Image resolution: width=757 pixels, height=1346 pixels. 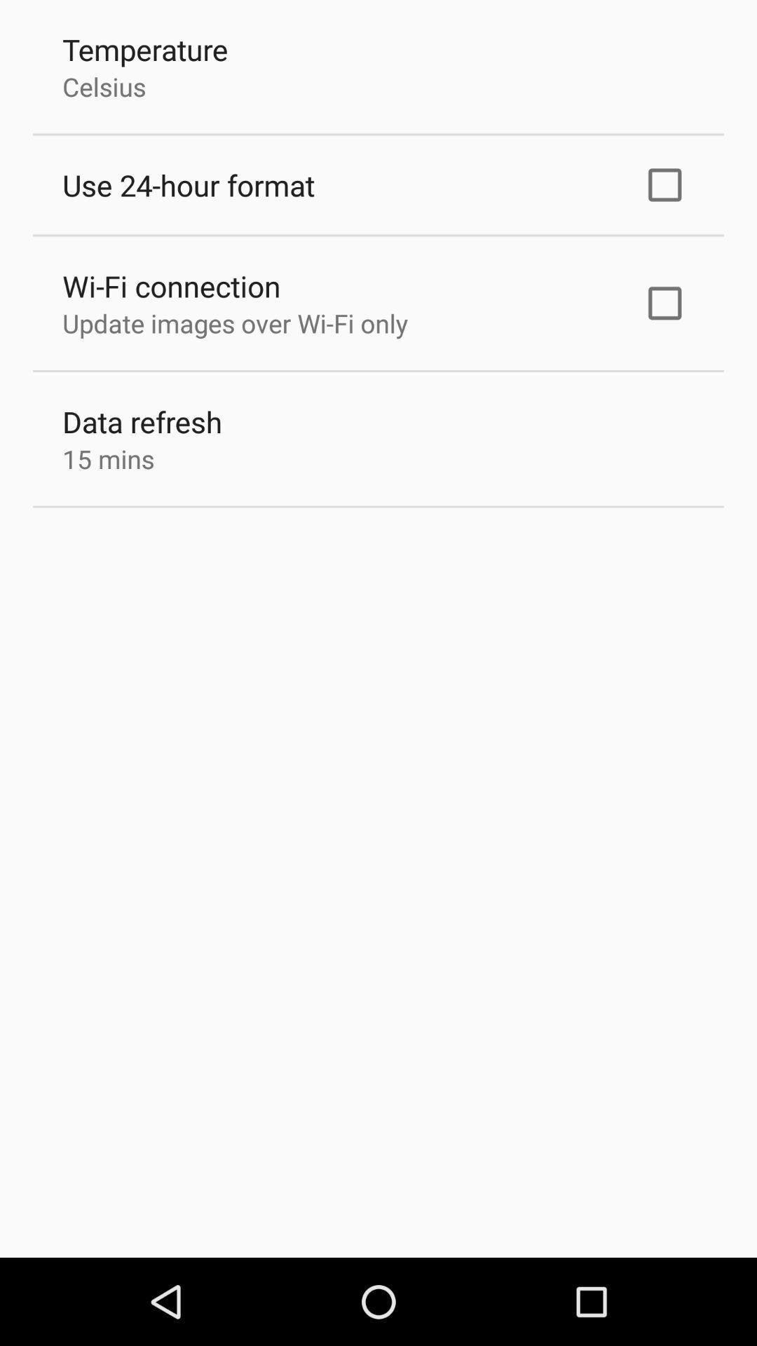 I want to click on the data refresh, so click(x=142, y=421).